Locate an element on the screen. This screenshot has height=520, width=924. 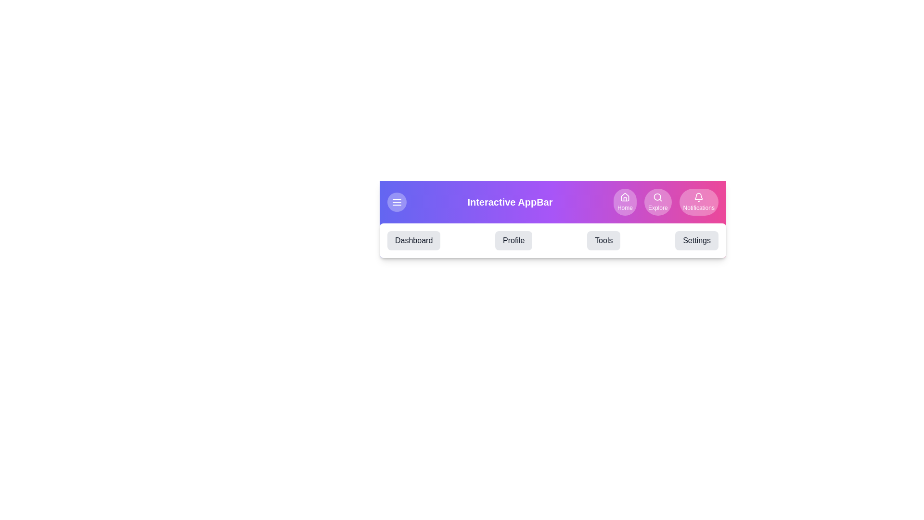
the Settings in the navigation menu is located at coordinates (697, 240).